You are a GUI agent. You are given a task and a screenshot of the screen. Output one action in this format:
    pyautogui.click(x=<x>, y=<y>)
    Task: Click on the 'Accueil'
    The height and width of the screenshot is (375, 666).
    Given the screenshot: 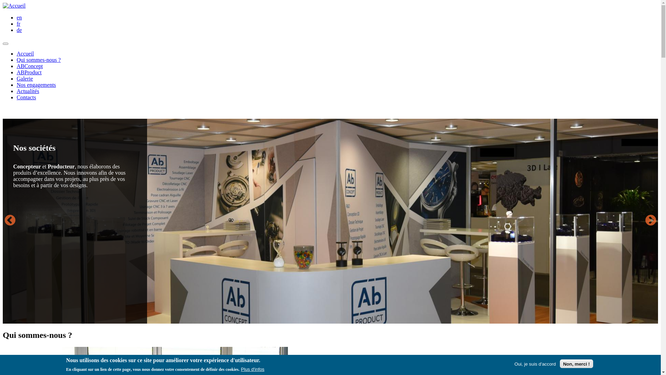 What is the action you would take?
    pyautogui.click(x=14, y=6)
    